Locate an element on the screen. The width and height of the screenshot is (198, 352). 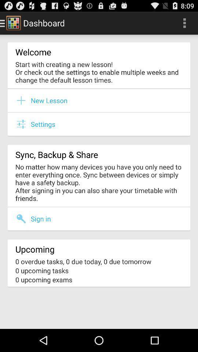
the no matter how is located at coordinates (99, 182).